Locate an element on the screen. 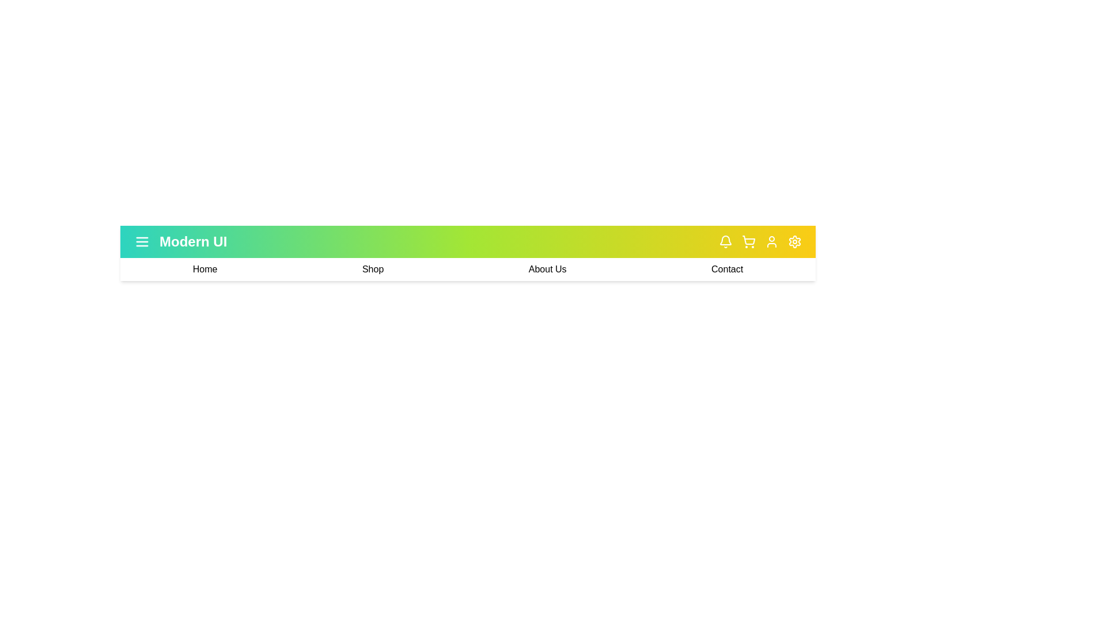  the 'About Us' navigation link is located at coordinates (547, 269).